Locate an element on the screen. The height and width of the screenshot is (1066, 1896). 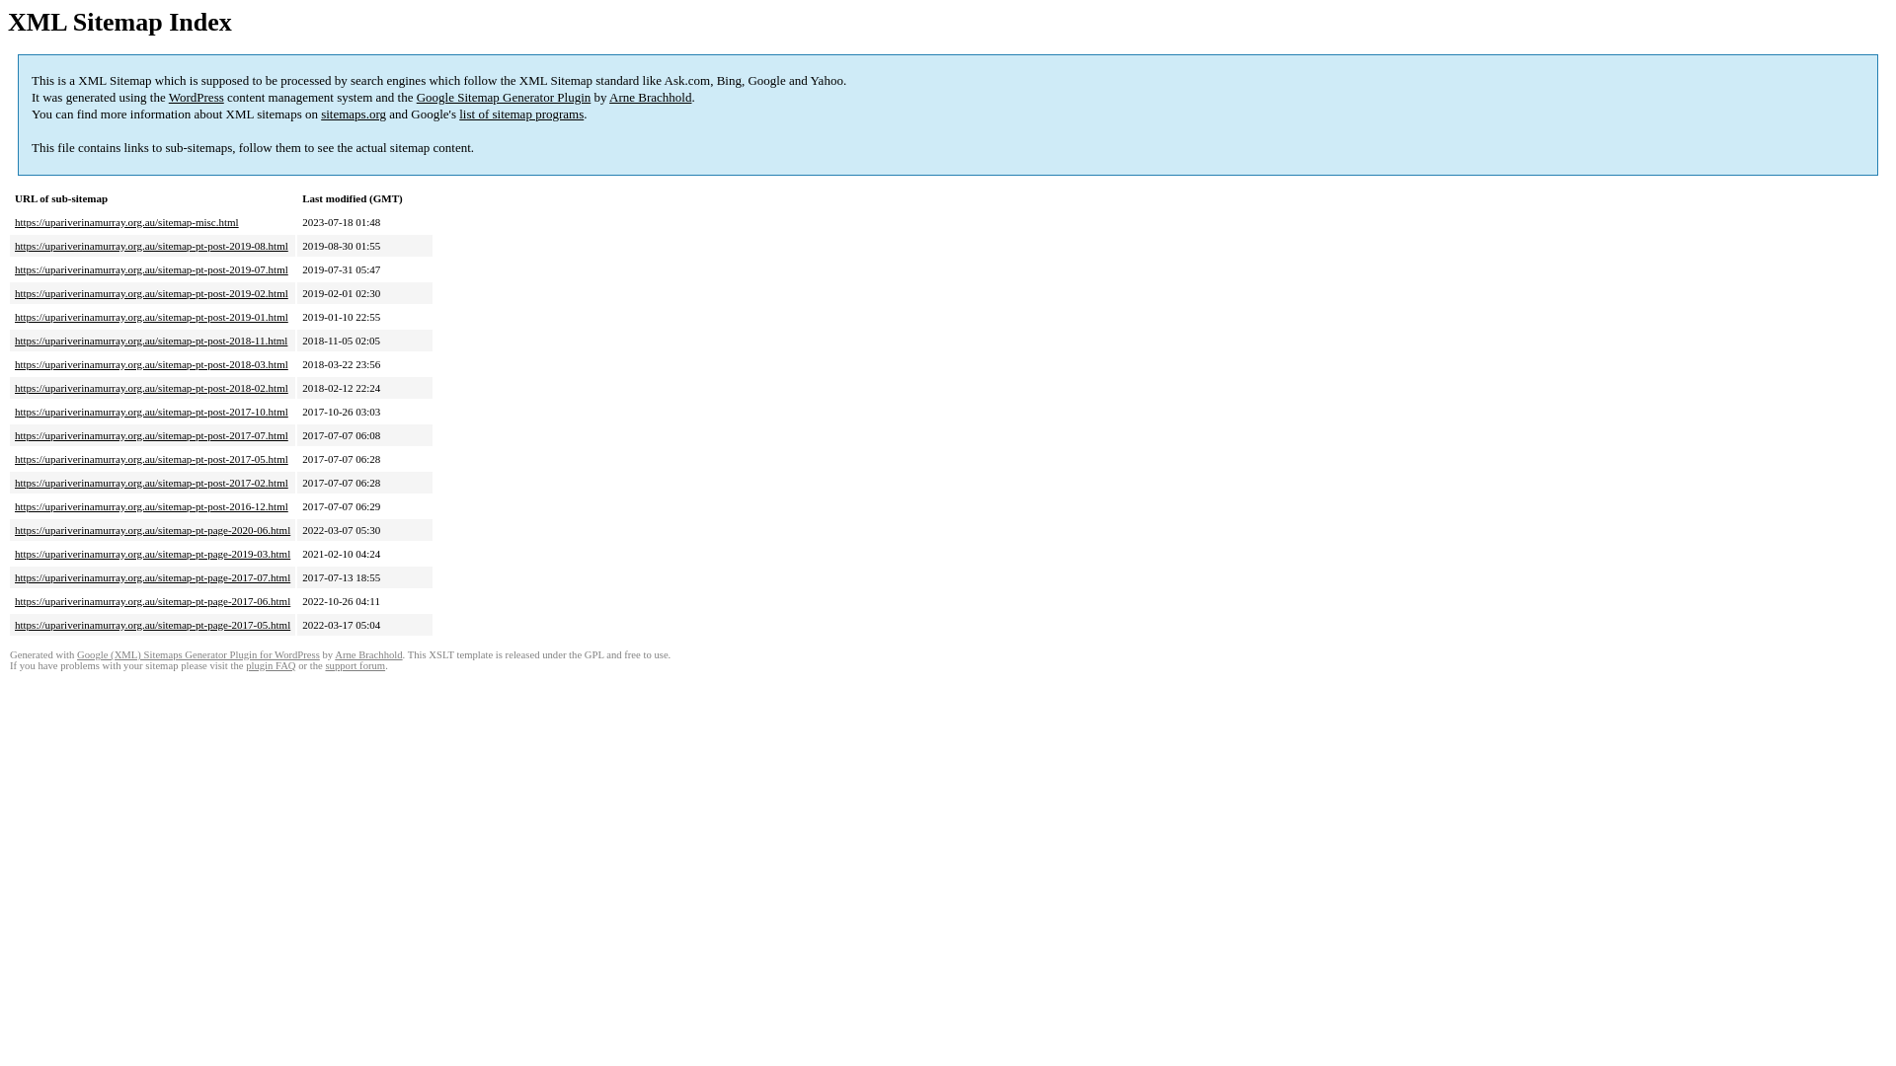
'Google Sitemap Generator Plugin' is located at coordinates (504, 97).